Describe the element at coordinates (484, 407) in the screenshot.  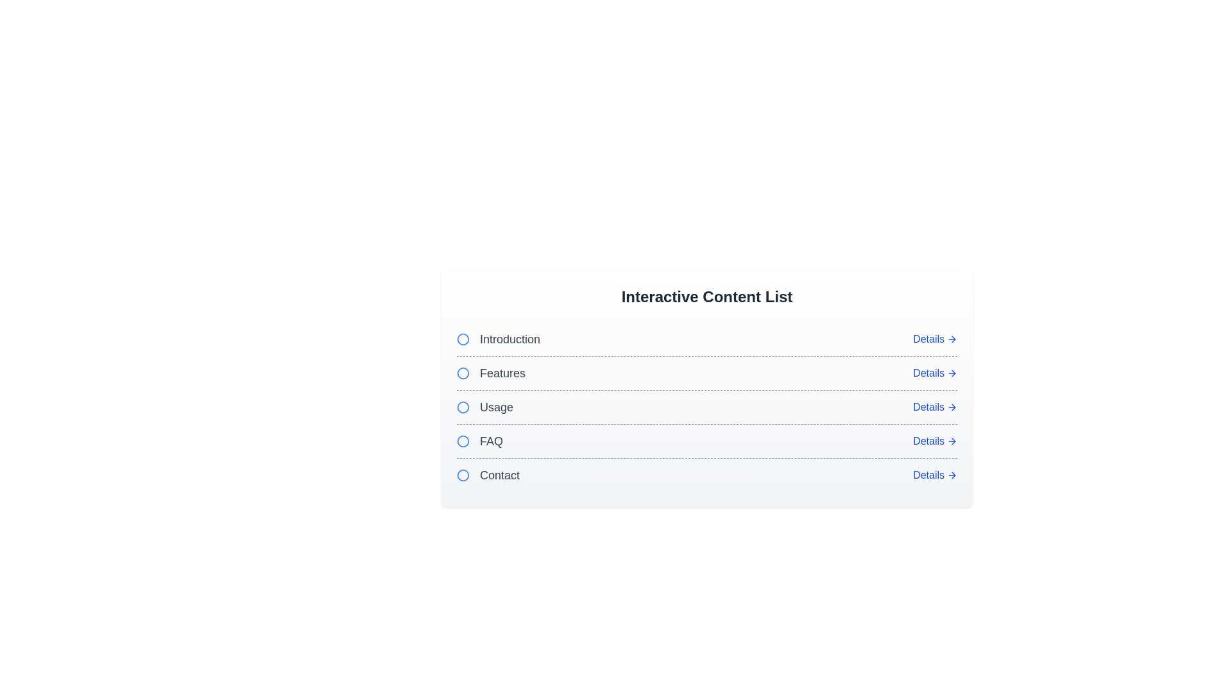
I see `the 'Usage' label with icon, which is styled as bold gray text and positioned in the third row of a vertically stacked list between 'Features' and 'FAQ'` at that location.